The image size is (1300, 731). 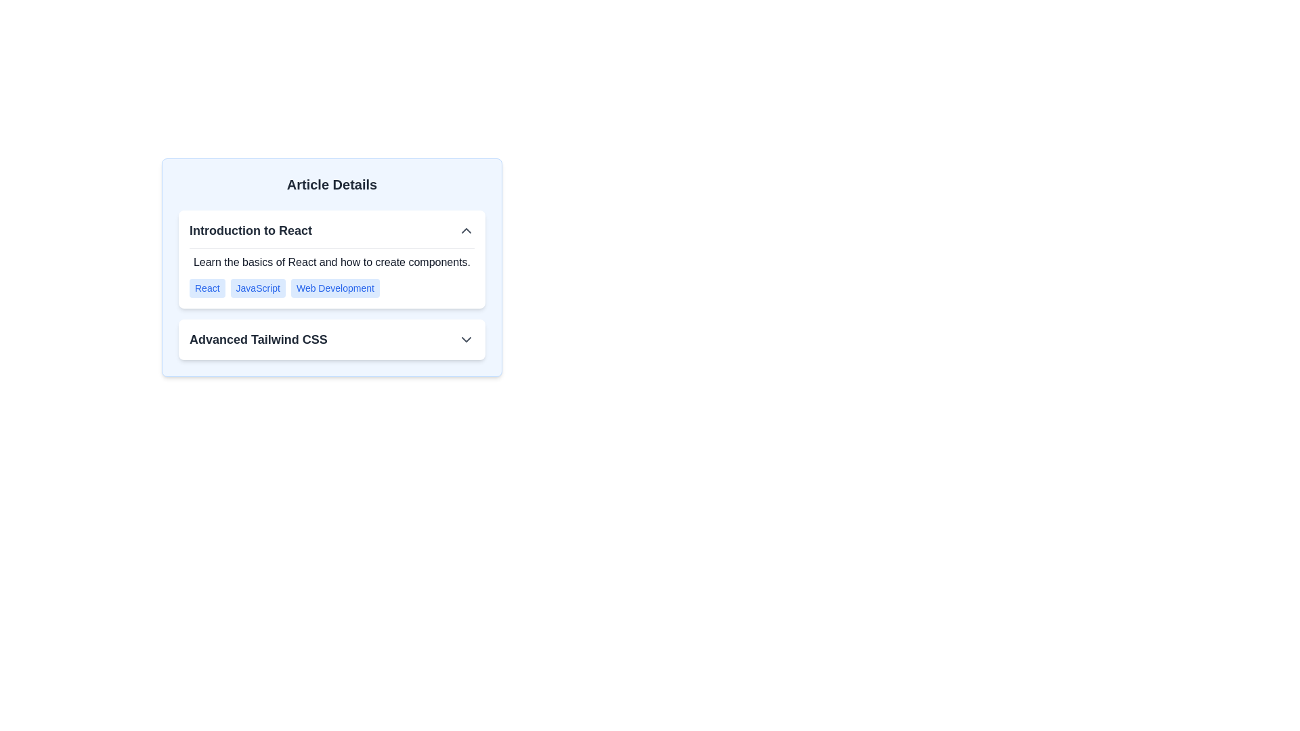 I want to click on the tag set consisting of labels 'React', 'JavaScript', and 'Web Development', which are styled as rounded boxes with a light blue background and blue text, located below the description text in the 'Article Details' card interface, so click(x=332, y=287).